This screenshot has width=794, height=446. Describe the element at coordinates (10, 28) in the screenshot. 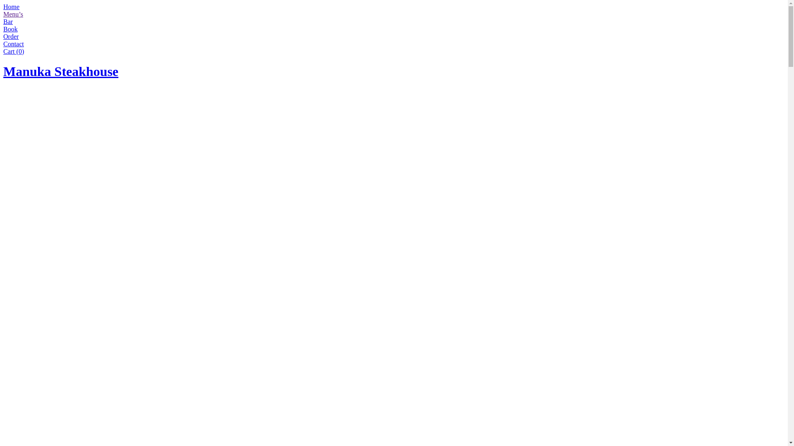

I see `'Book'` at that location.